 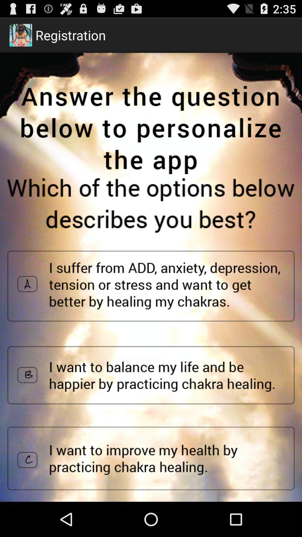 What do you see at coordinates (151, 375) in the screenshot?
I see `answer` at bounding box center [151, 375].